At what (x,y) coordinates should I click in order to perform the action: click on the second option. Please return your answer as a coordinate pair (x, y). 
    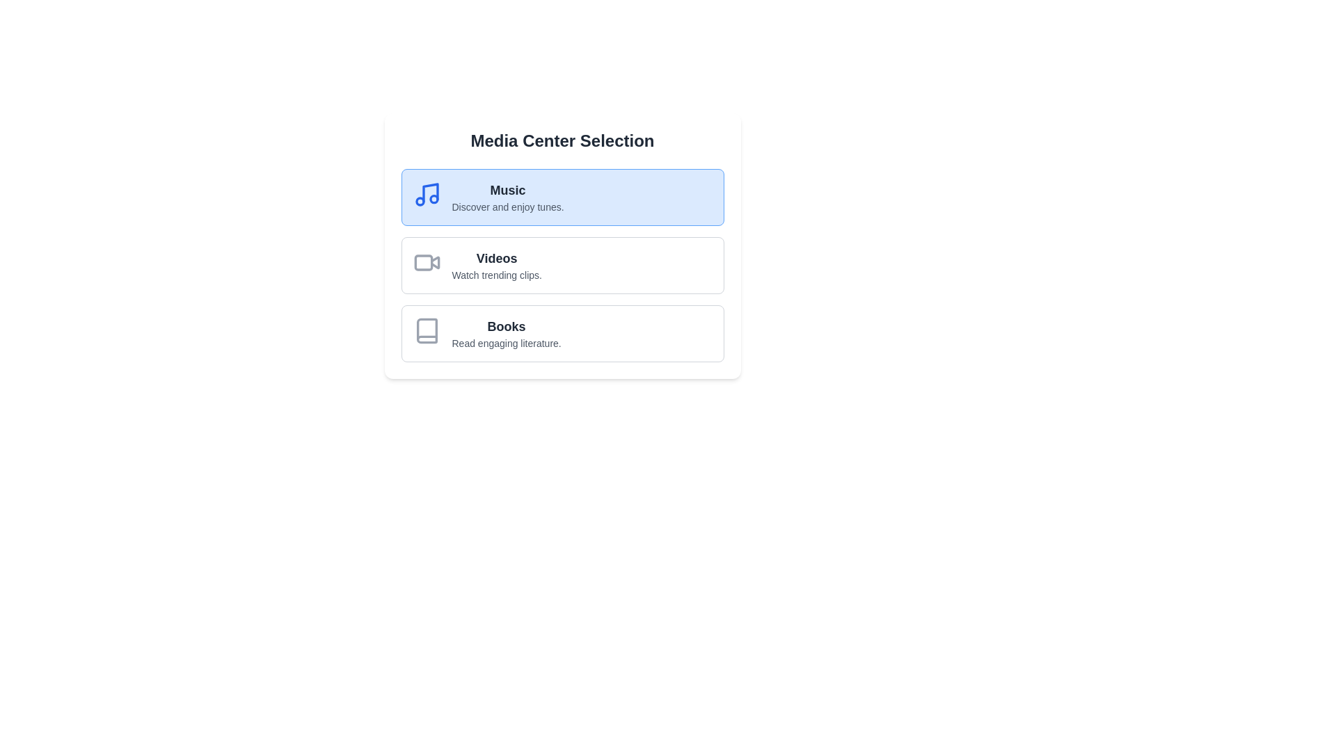
    Looking at the image, I should click on (562, 265).